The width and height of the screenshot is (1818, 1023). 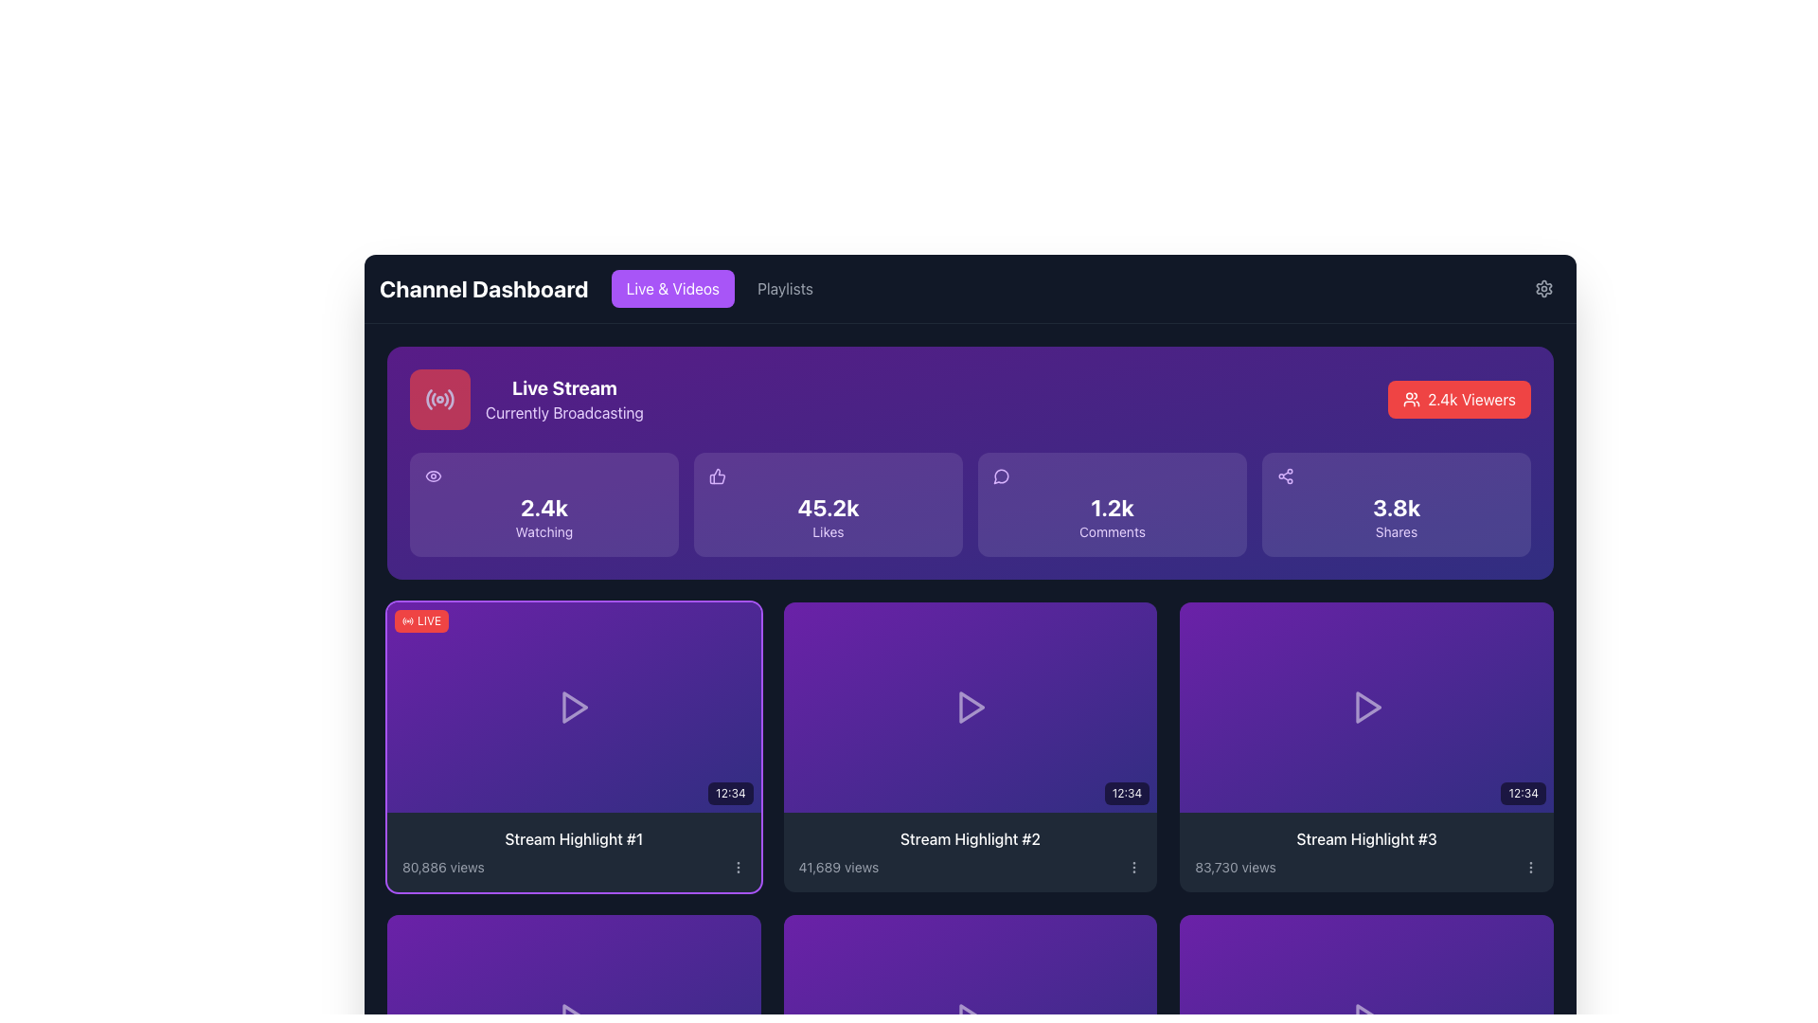 What do you see at coordinates (1458, 398) in the screenshot?
I see `the viewer statistics button located at the top-right corner of the purple 'Live Stream' block` at bounding box center [1458, 398].